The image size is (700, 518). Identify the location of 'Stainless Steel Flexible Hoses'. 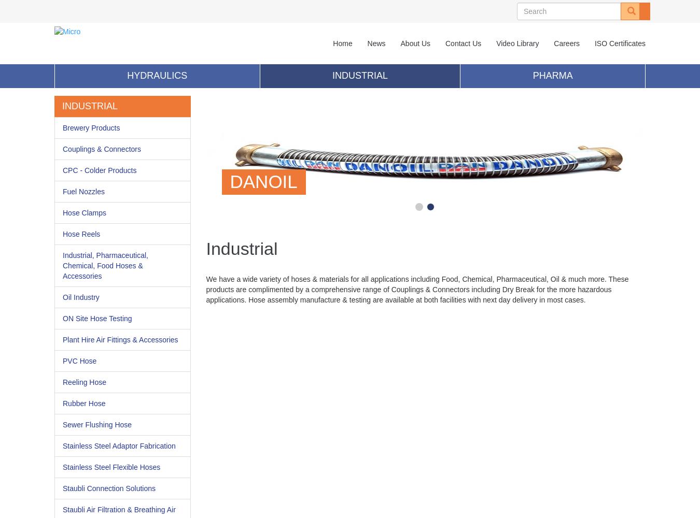
(111, 467).